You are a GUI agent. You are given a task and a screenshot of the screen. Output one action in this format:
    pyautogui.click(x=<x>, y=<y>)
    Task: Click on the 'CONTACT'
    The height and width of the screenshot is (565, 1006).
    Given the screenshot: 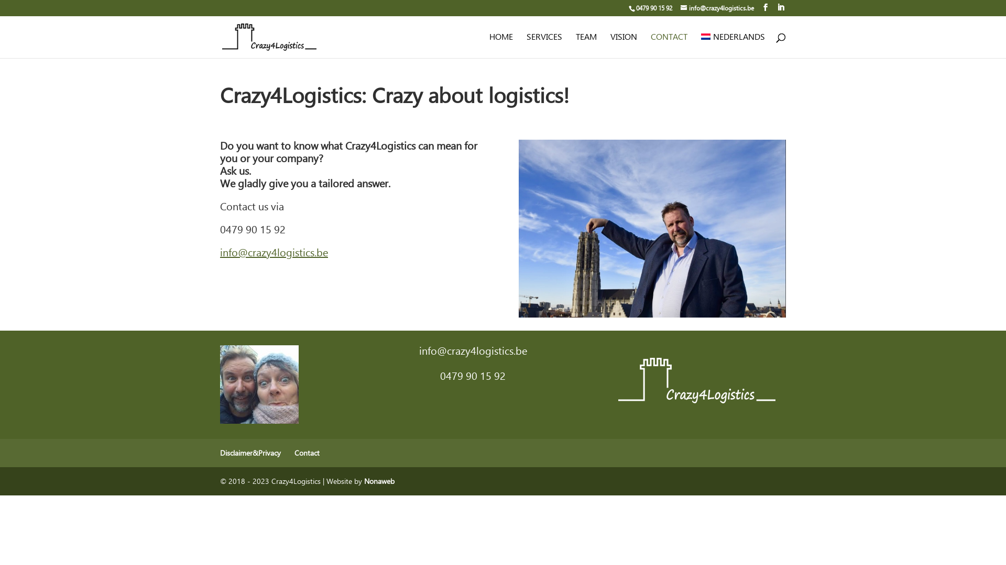 What is the action you would take?
    pyautogui.click(x=668, y=45)
    